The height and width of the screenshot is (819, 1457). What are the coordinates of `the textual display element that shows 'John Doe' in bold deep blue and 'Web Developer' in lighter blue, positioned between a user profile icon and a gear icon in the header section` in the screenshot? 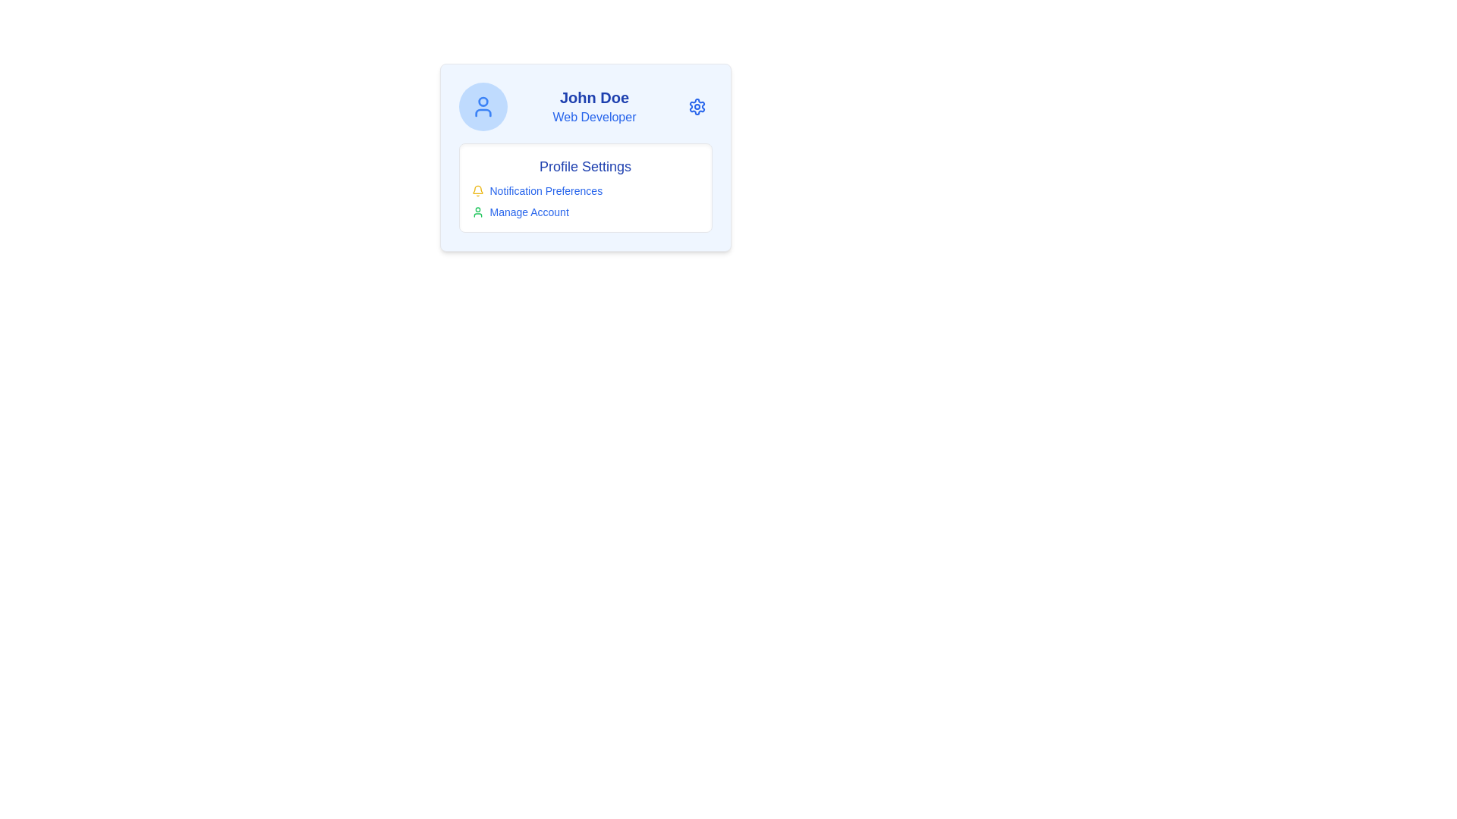 It's located at (593, 106).